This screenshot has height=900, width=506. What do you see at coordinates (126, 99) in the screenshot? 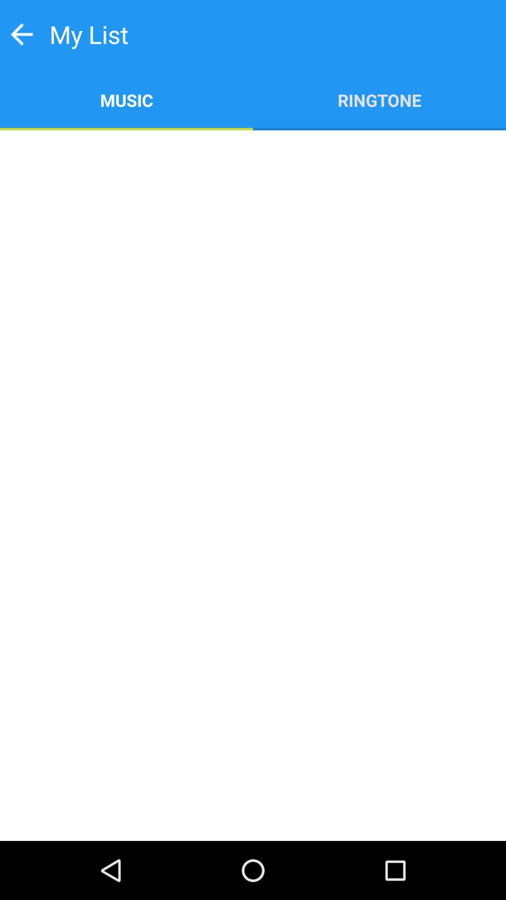
I see `app to the left of ringtone app` at bounding box center [126, 99].